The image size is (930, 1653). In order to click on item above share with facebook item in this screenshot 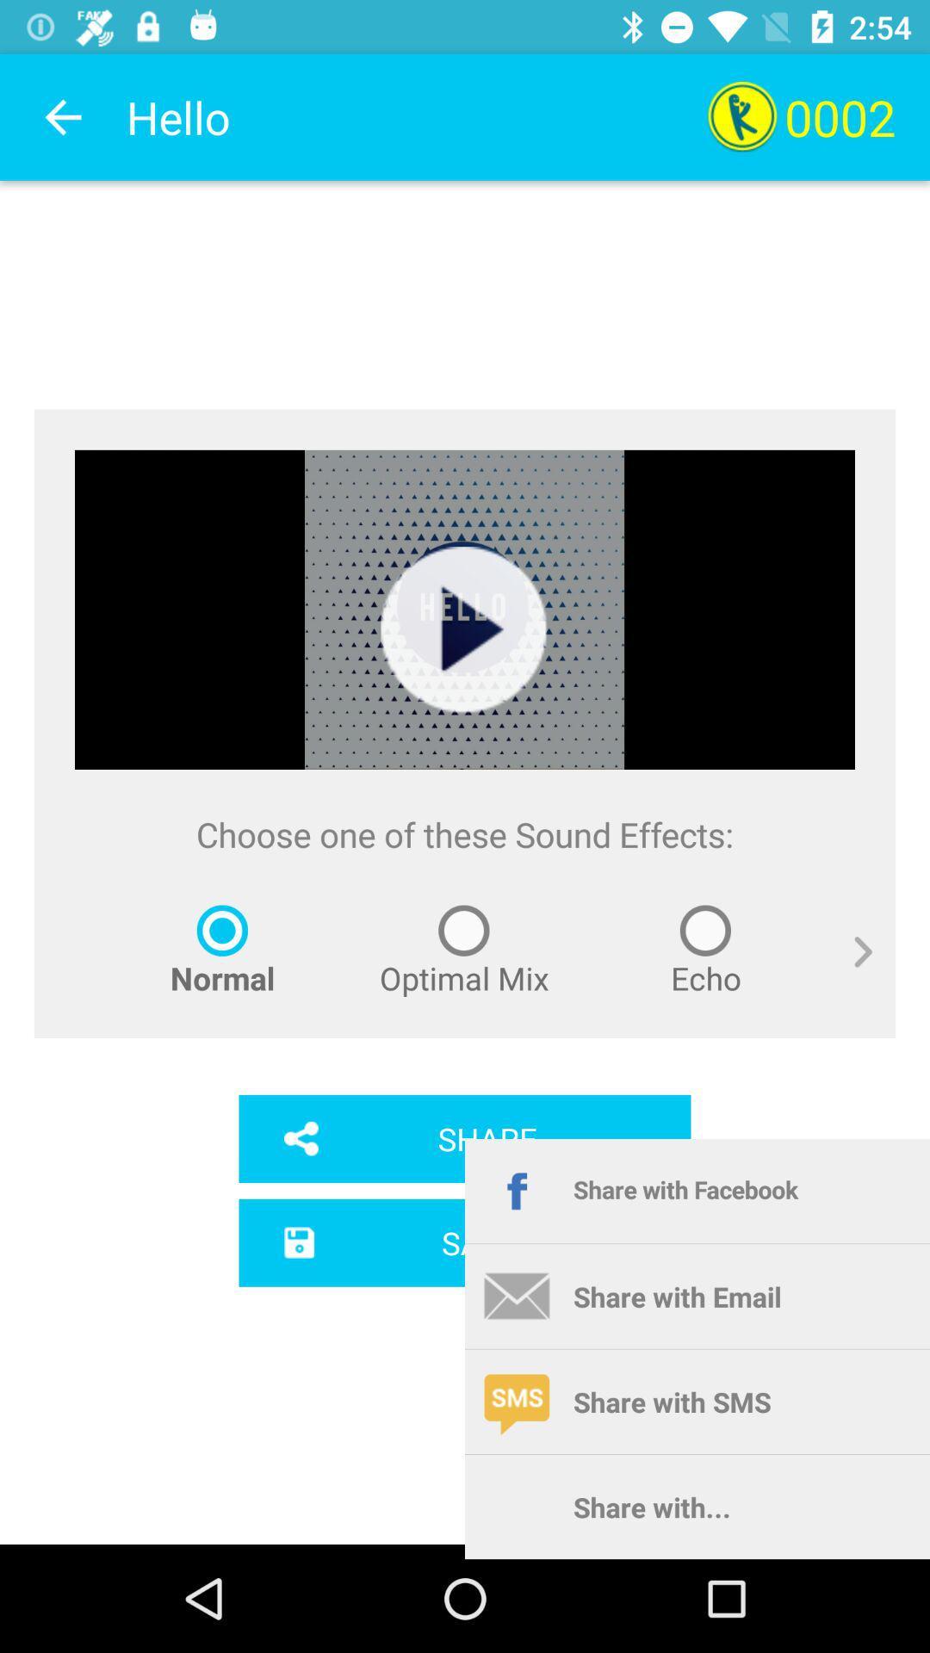, I will do `click(849, 971)`.